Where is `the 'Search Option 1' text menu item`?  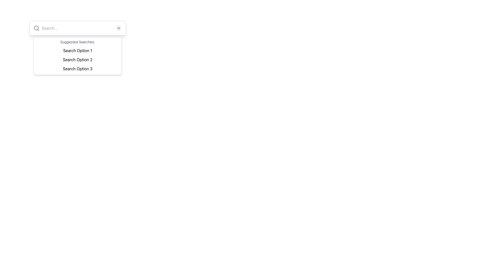
the 'Search Option 1' text menu item is located at coordinates (77, 50).